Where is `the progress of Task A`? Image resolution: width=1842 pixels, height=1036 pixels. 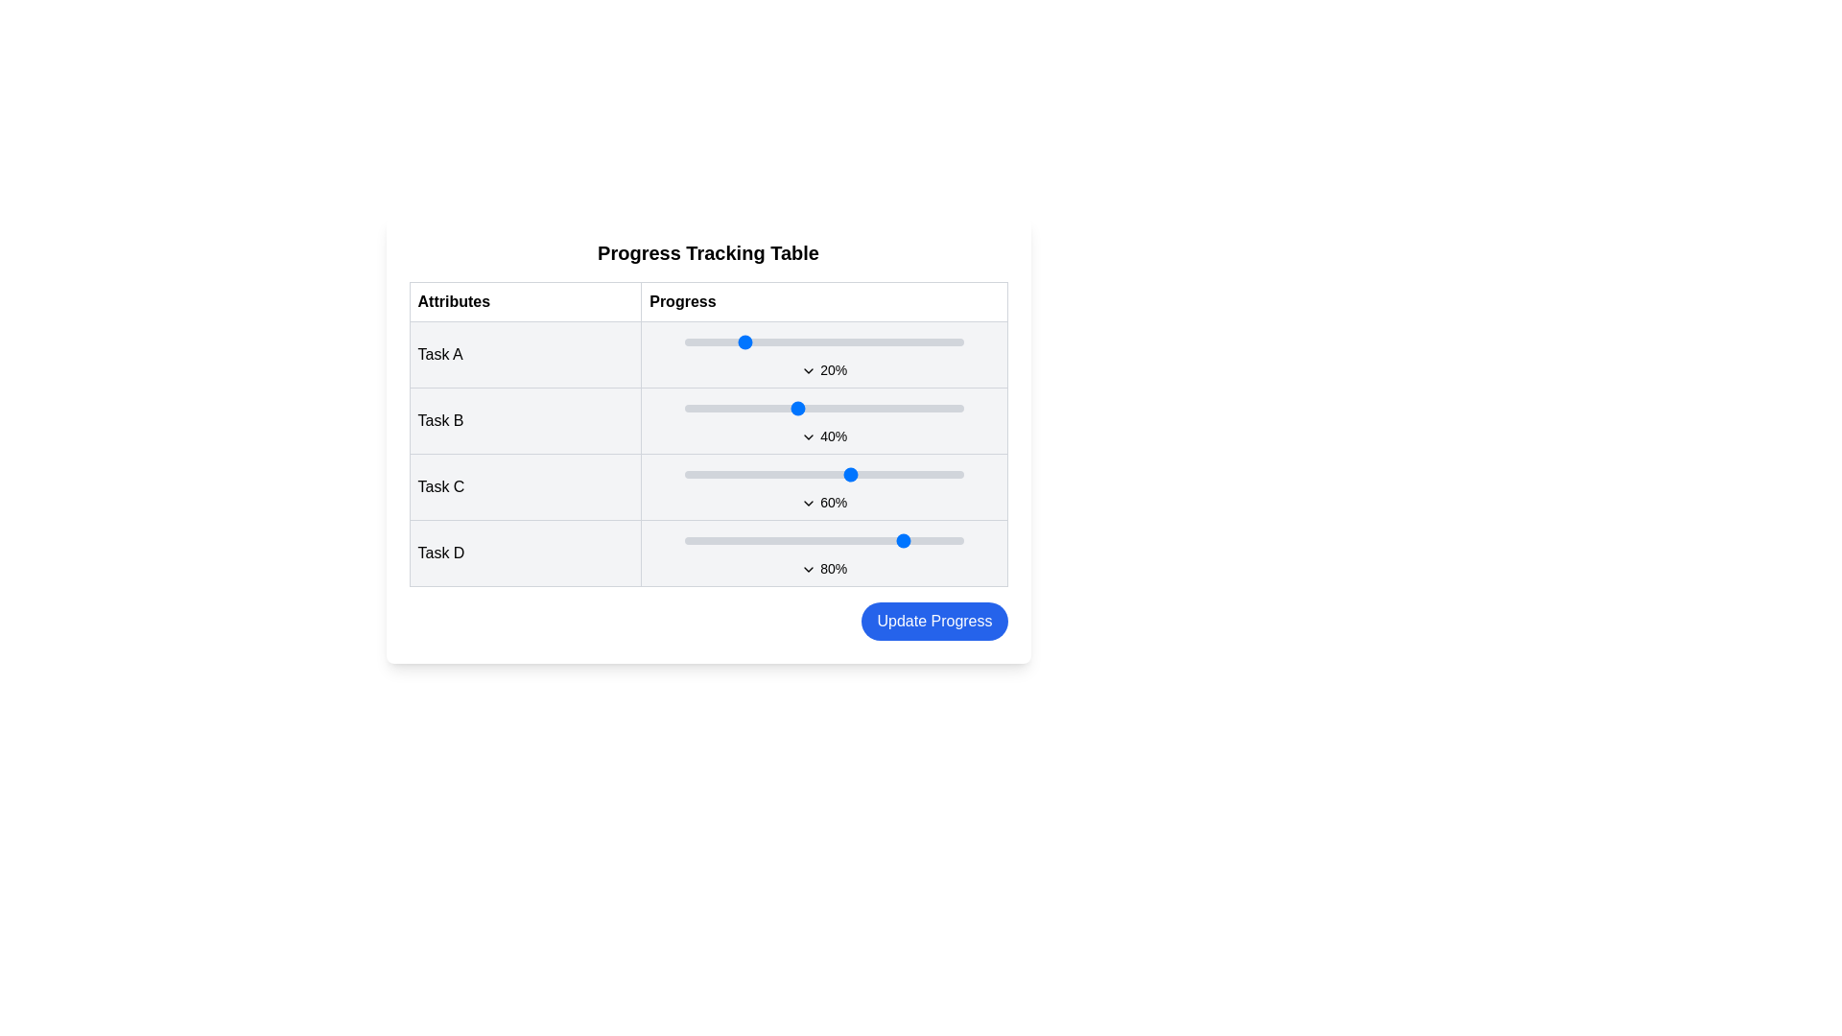 the progress of Task A is located at coordinates (779, 341).